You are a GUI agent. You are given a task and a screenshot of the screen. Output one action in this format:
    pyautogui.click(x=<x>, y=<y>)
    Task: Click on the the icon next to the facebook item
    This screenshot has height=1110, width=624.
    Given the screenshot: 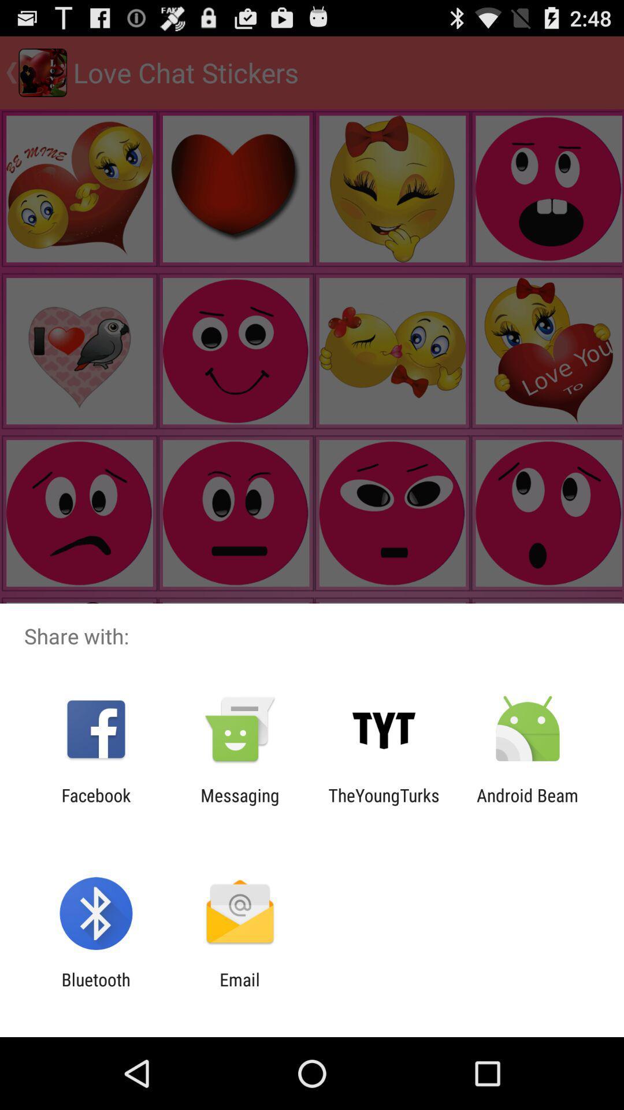 What is the action you would take?
    pyautogui.click(x=239, y=805)
    